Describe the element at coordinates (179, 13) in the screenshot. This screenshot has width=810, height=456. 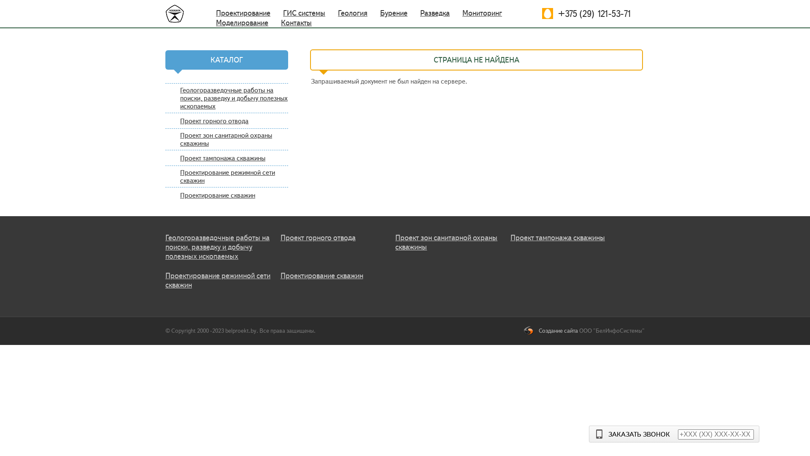
I see `'http://belproekt.by/'` at that location.